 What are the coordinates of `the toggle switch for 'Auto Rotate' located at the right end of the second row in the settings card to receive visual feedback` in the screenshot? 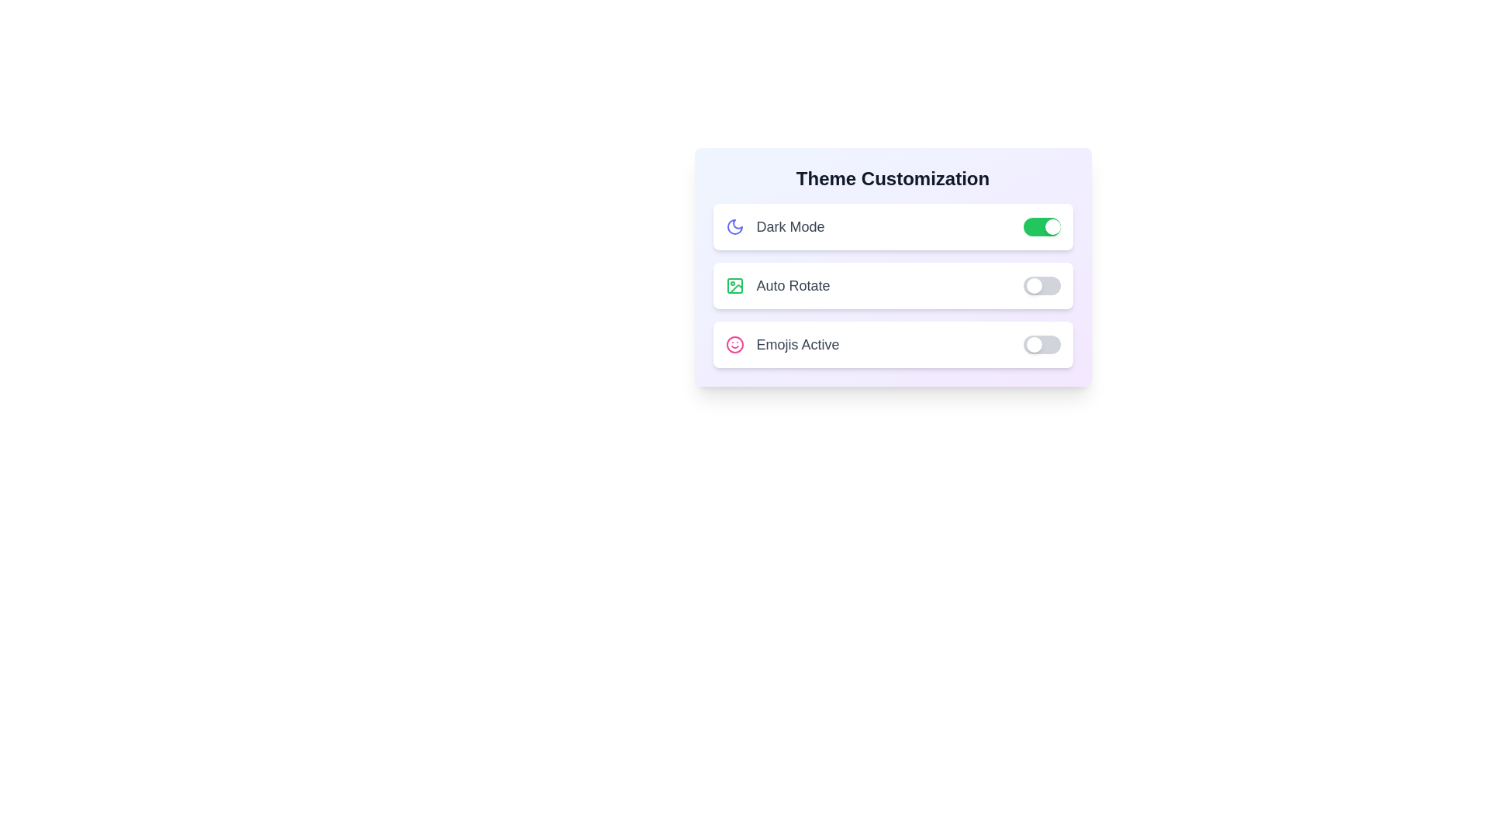 It's located at (1042, 286).